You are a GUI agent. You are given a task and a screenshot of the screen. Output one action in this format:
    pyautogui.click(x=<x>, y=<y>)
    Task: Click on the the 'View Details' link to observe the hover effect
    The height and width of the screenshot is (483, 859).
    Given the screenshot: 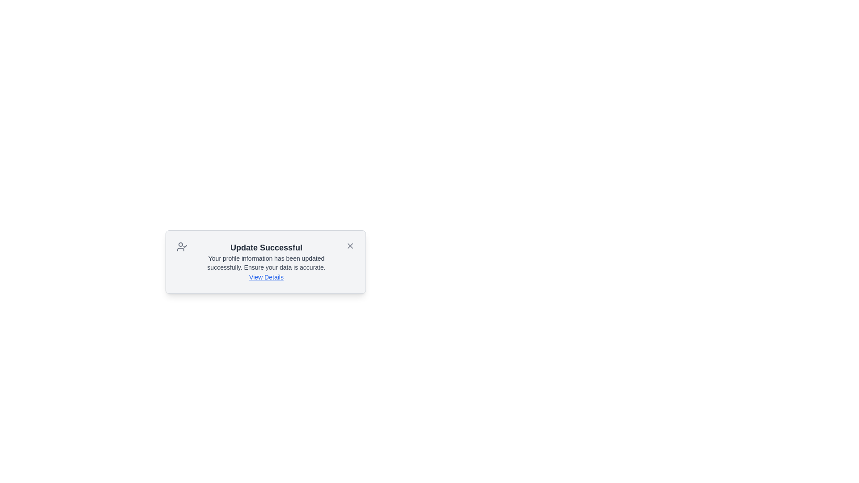 What is the action you would take?
    pyautogui.click(x=266, y=277)
    